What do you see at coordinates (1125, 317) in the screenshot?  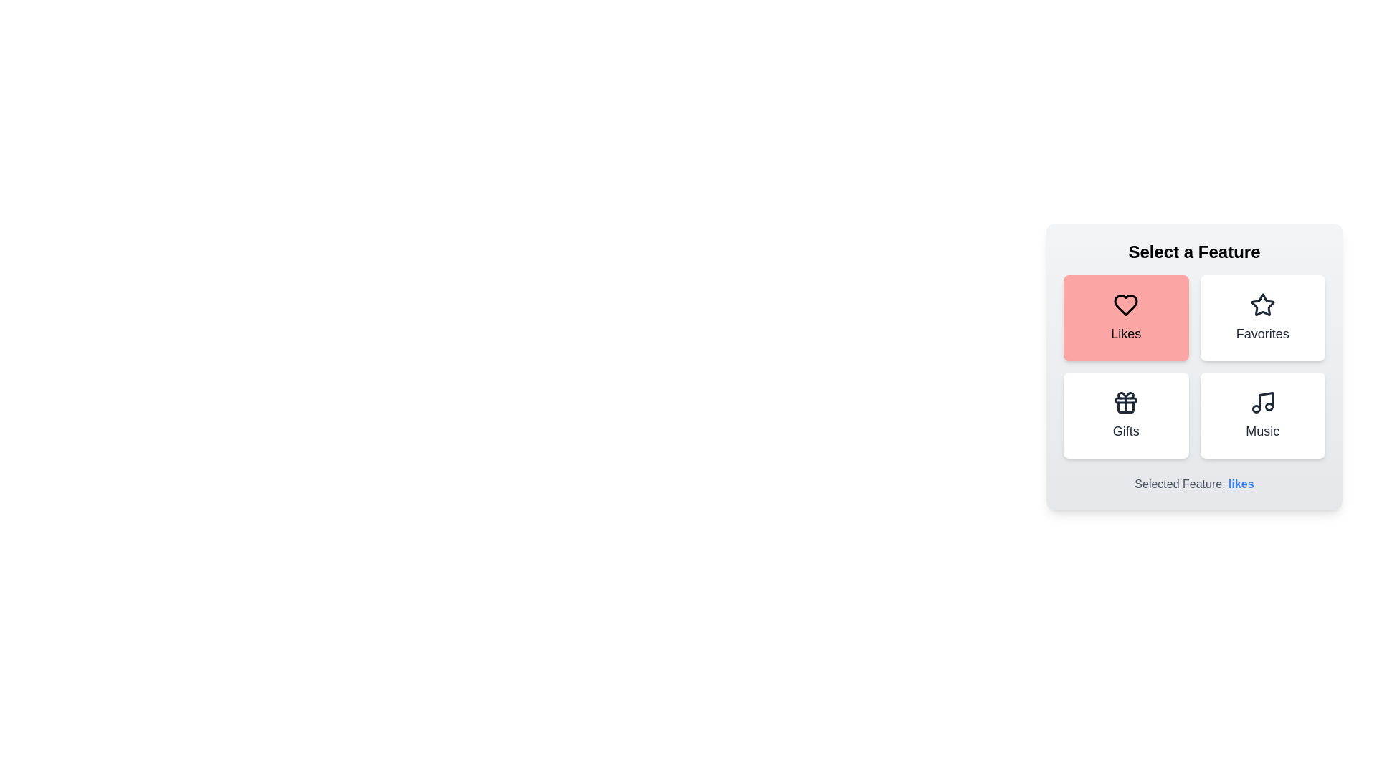 I see `the Likes button to select it` at bounding box center [1125, 317].